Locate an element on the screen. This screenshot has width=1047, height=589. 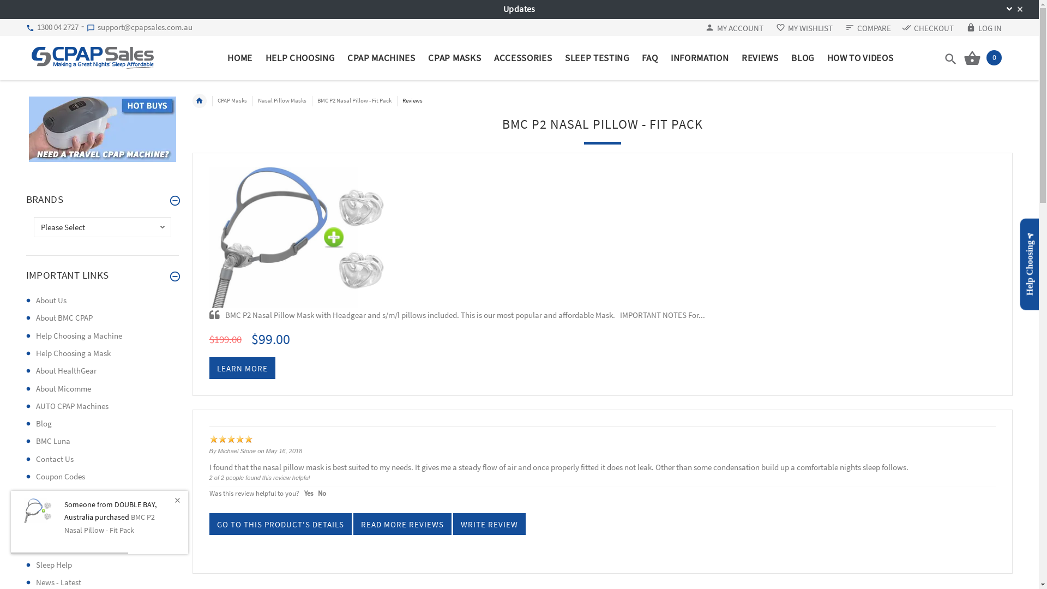
'FAQ' is located at coordinates (649, 58).